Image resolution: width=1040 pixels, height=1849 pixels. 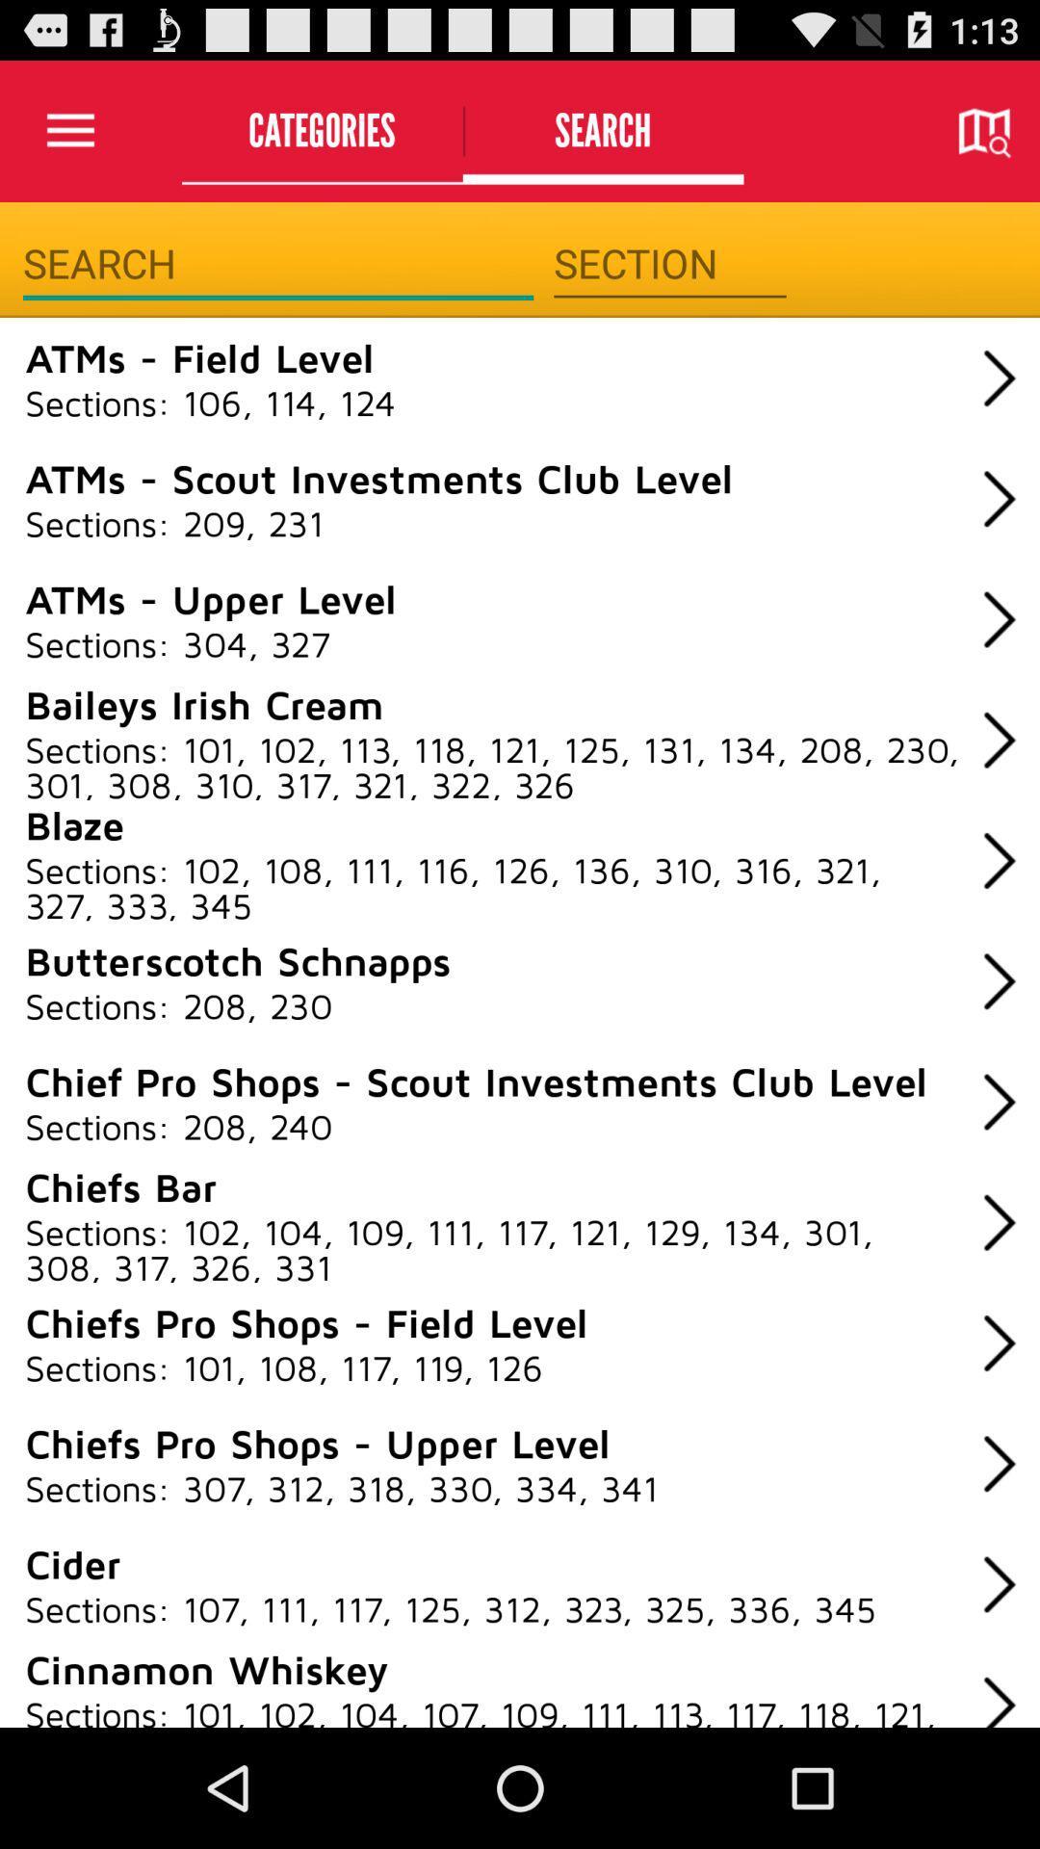 I want to click on search for the club sections, so click(x=278, y=263).